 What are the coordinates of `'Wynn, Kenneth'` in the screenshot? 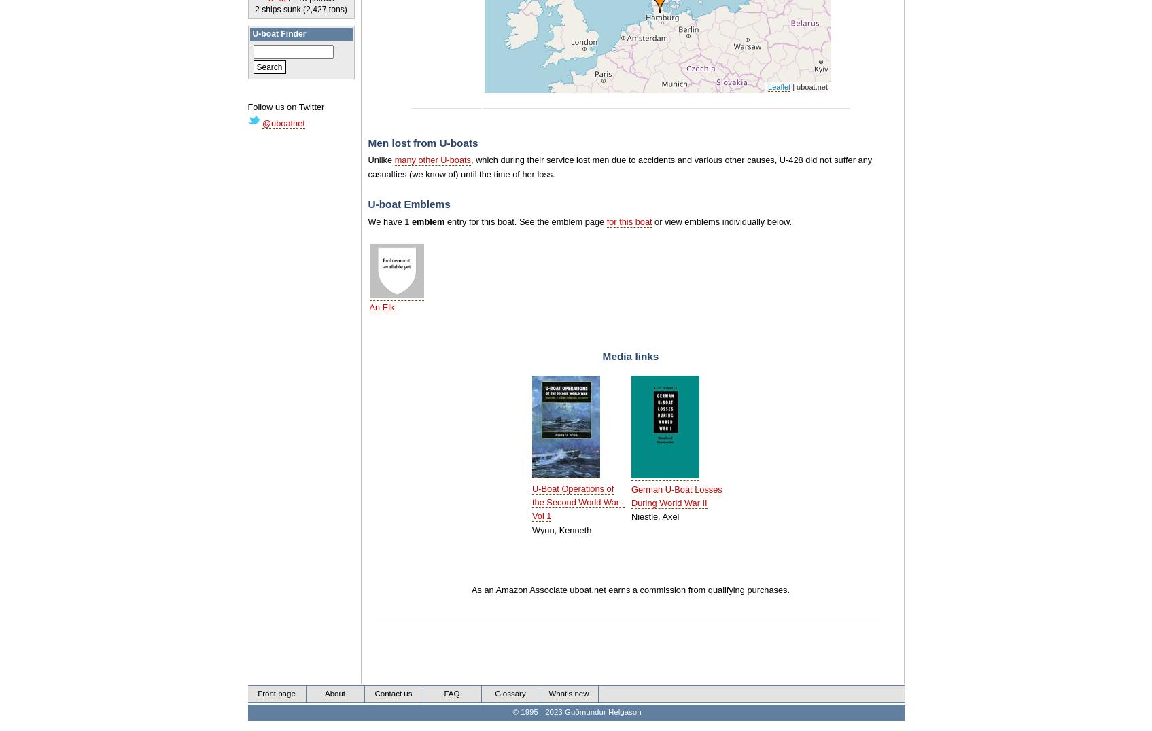 It's located at (531, 529).